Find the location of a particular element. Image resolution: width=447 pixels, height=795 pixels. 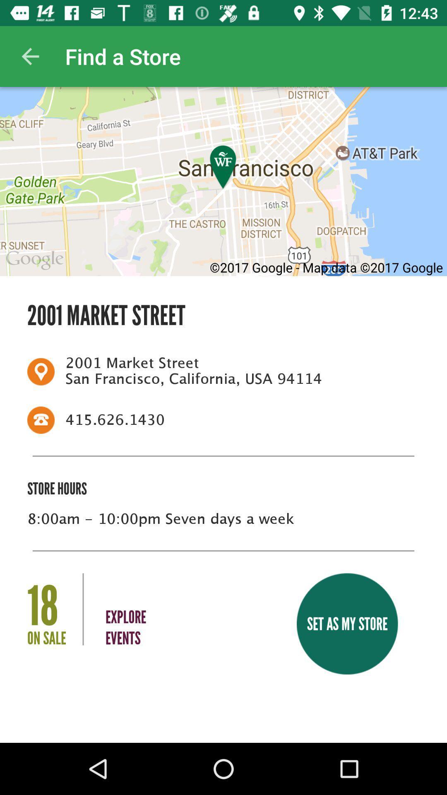

the 415.626.1430 icon is located at coordinates (237, 420).